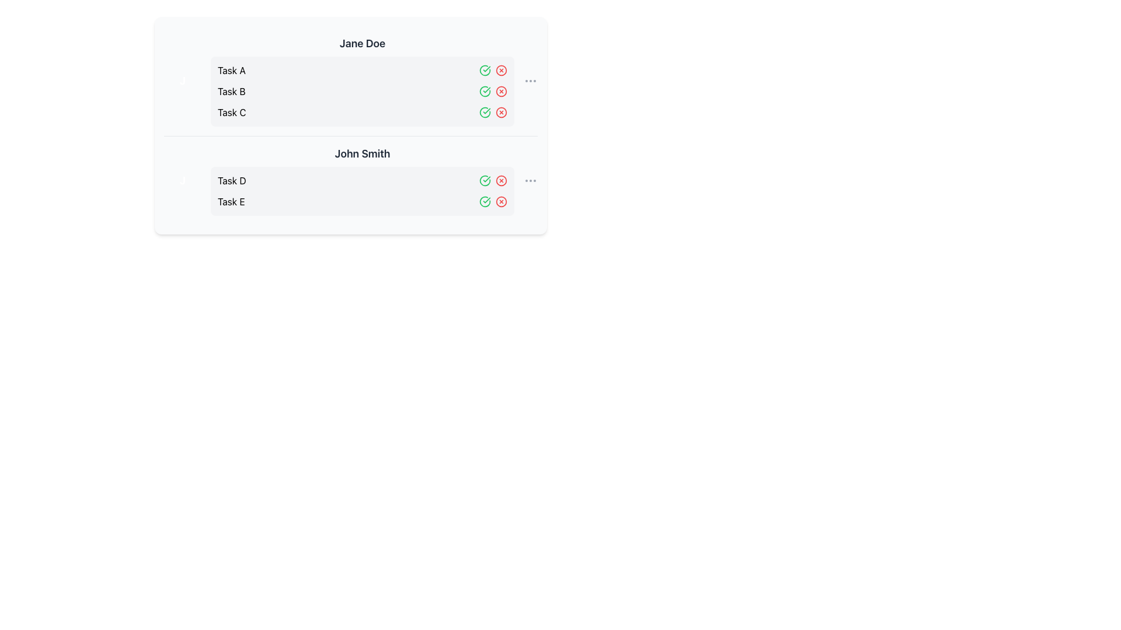  I want to click on the interactive cancel button located at the top-right corner of the first task group under 'Jane Doe', positioned between a green checkmark icon and a red icon, so click(502, 70).